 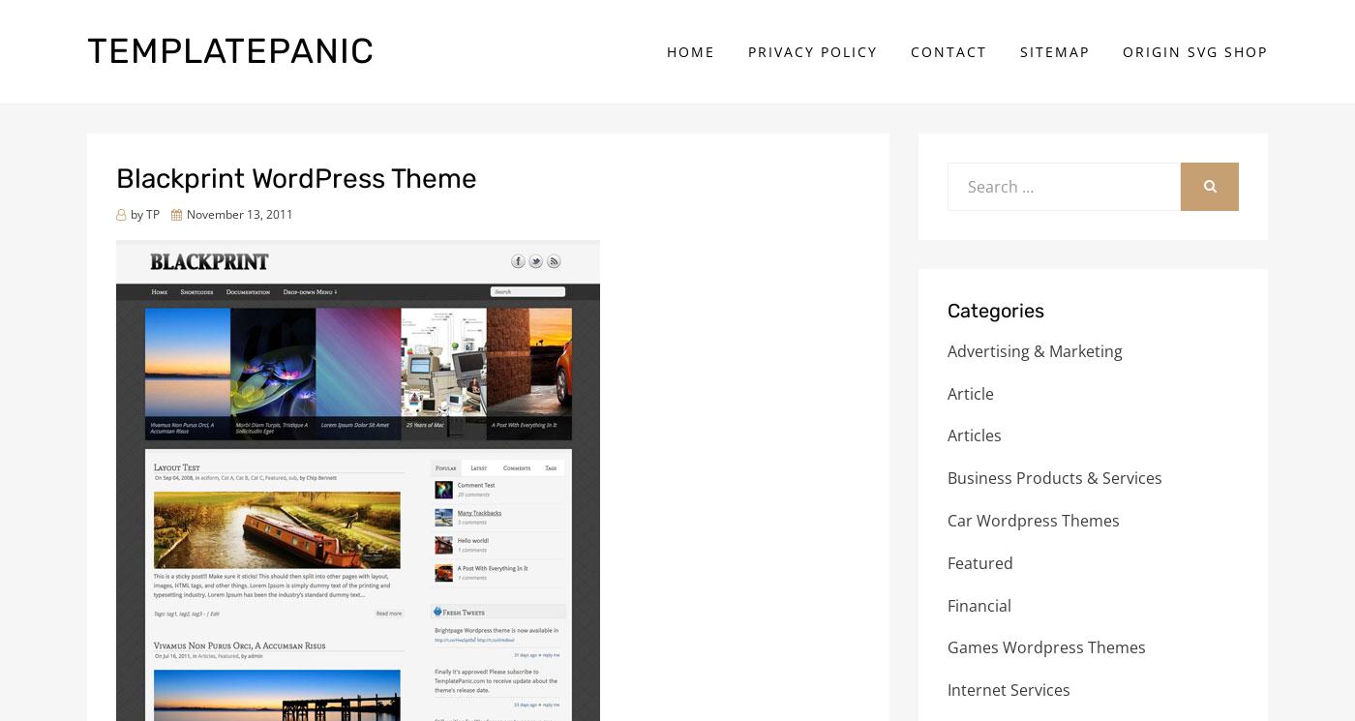 I want to click on 'Financial', so click(x=979, y=604).